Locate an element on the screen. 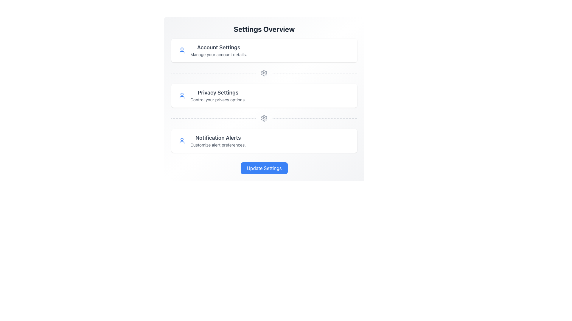 Image resolution: width=572 pixels, height=321 pixels. the 'Account Settings' header text label, which serves as a title guiding users to the details below is located at coordinates (218, 47).